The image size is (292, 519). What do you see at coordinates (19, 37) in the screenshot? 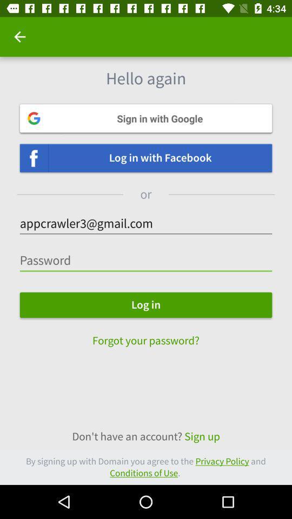
I see `icon at the top left corner` at bounding box center [19, 37].